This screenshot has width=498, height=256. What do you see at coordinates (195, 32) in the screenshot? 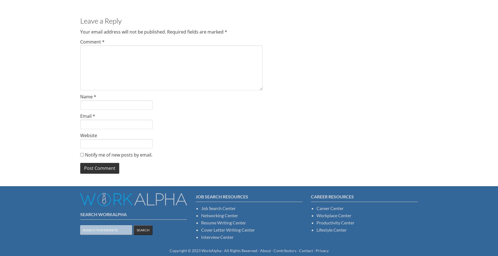
I see `'Required fields are marked'` at bounding box center [195, 32].